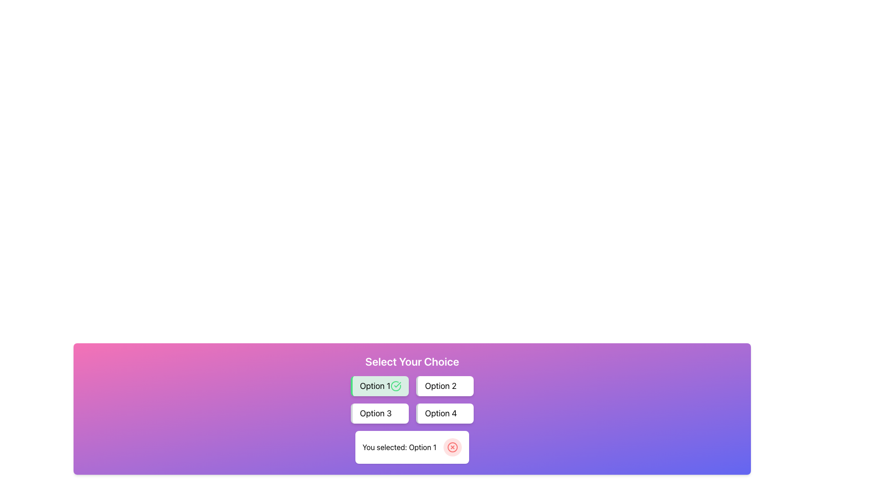  What do you see at coordinates (444, 414) in the screenshot?
I see `the button labeled 'Option 4', which is a rectangular button with rounded corners and a grey left border` at bounding box center [444, 414].